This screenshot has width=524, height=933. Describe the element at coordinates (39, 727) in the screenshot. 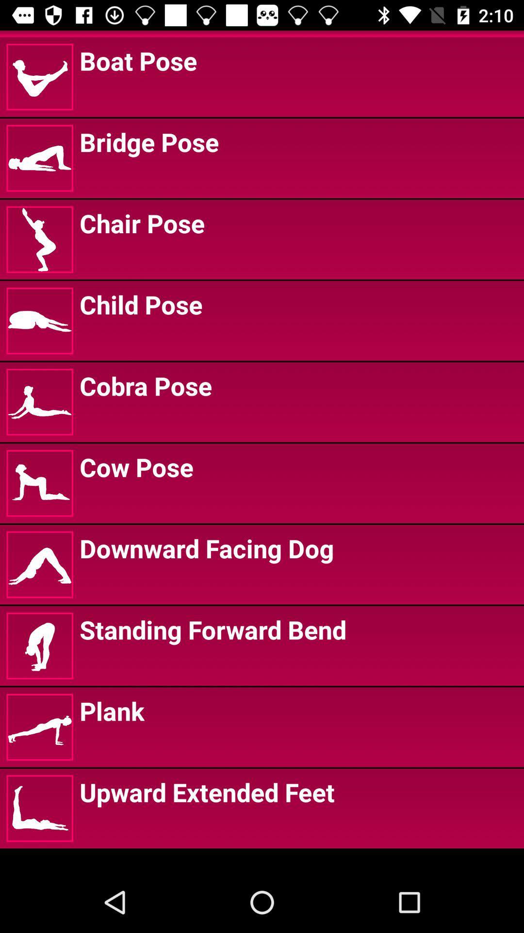

I see `the option  beside  plank` at that location.